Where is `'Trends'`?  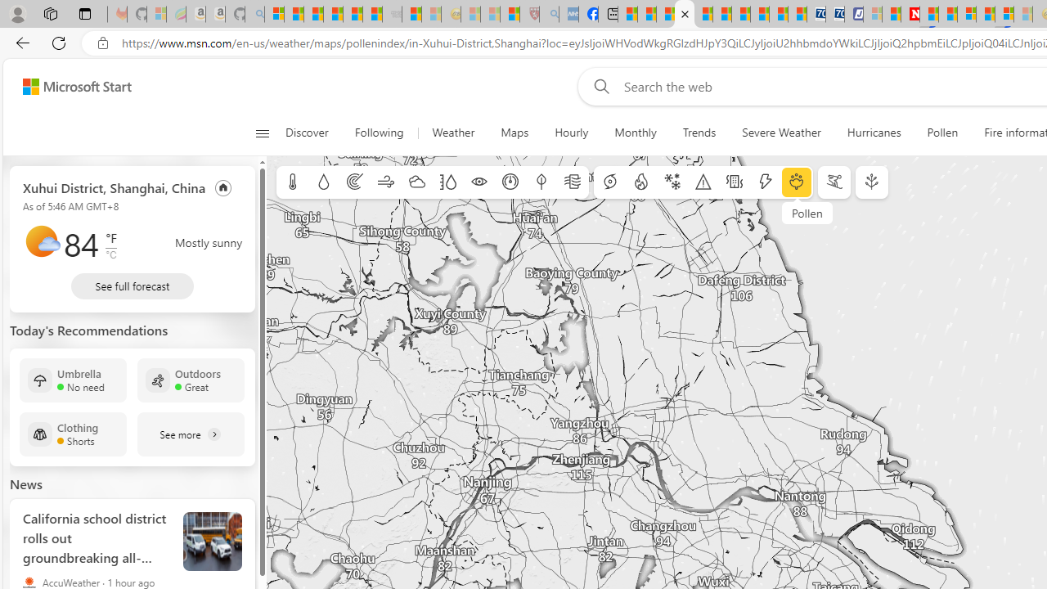 'Trends' is located at coordinates (699, 133).